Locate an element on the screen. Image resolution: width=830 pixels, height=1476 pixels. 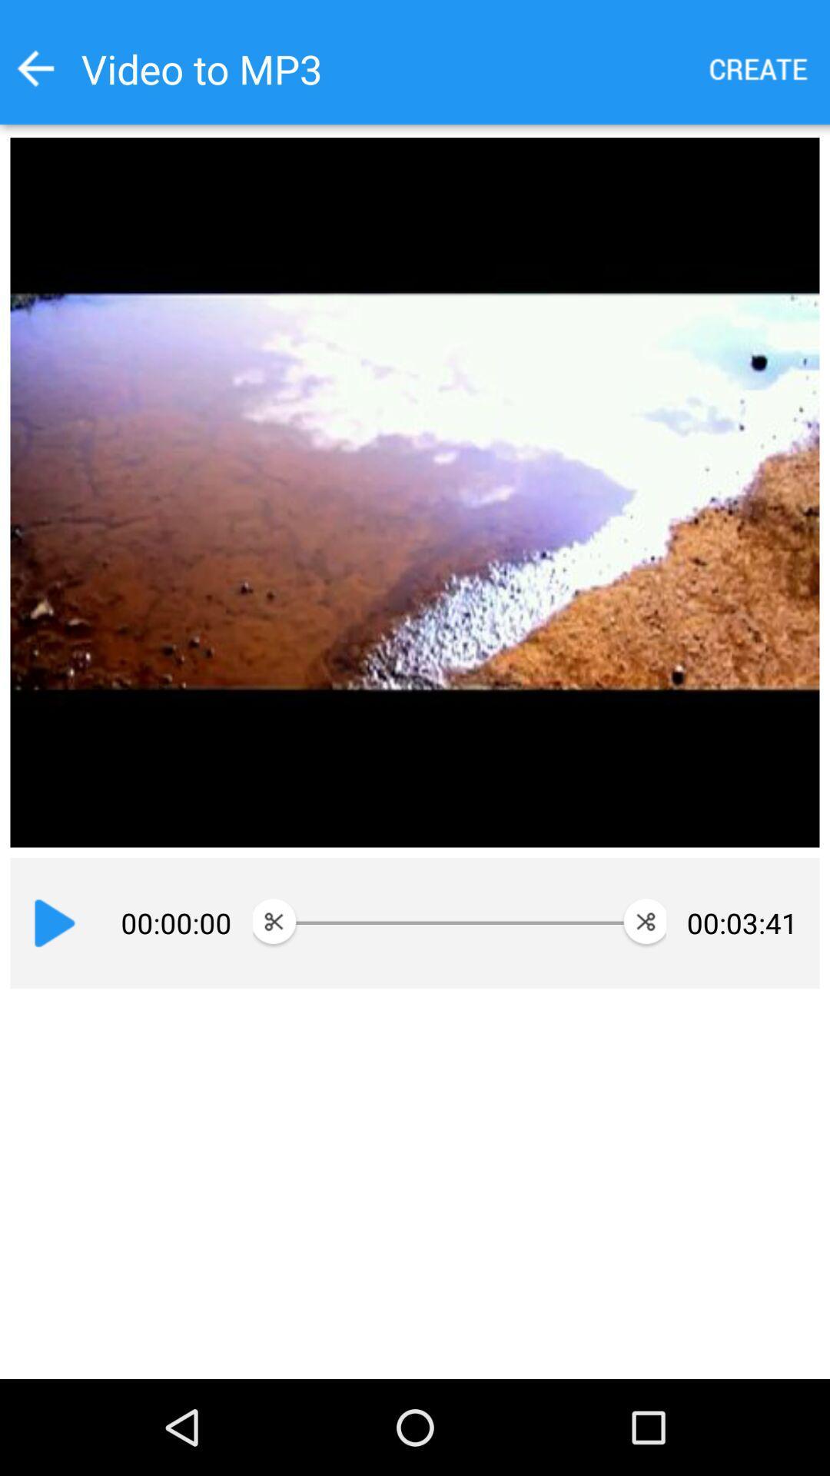
the app next to video to mp3 is located at coordinates (35, 68).